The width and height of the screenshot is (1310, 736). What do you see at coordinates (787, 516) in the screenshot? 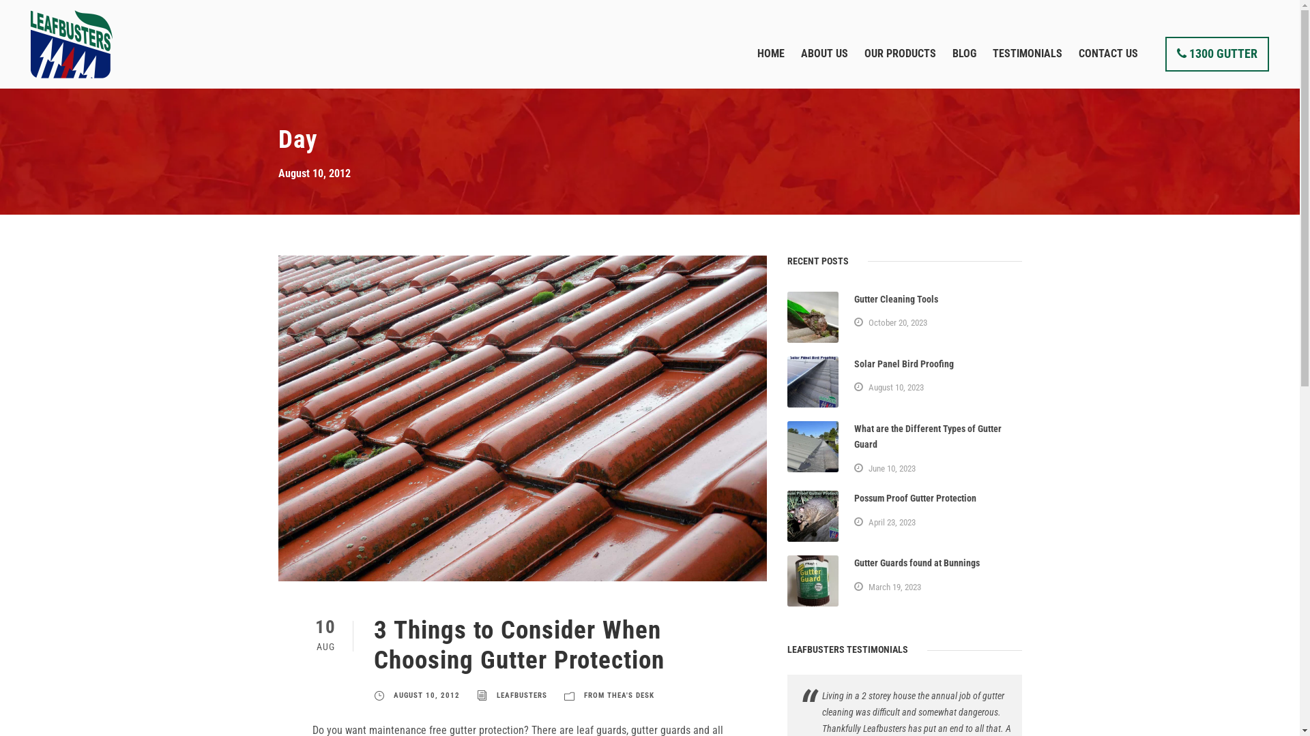
I see `'Possum Proof Gutter Protection'` at bounding box center [787, 516].